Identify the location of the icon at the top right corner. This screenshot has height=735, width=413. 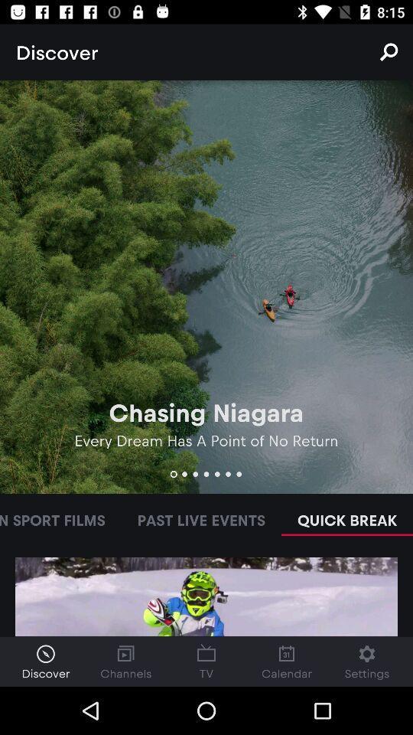
(389, 52).